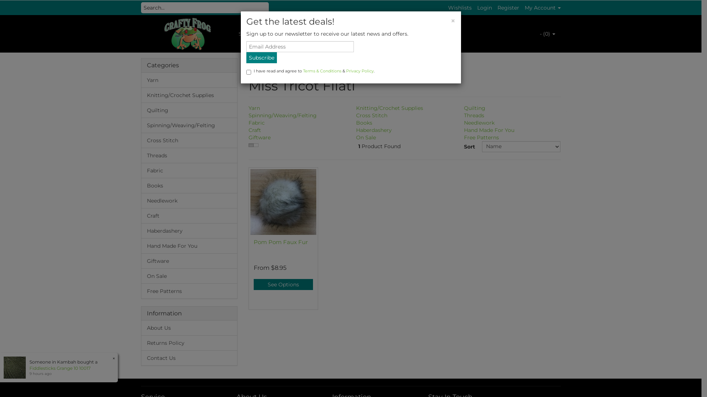 The image size is (707, 397). What do you see at coordinates (256, 122) in the screenshot?
I see `'Fabric'` at bounding box center [256, 122].